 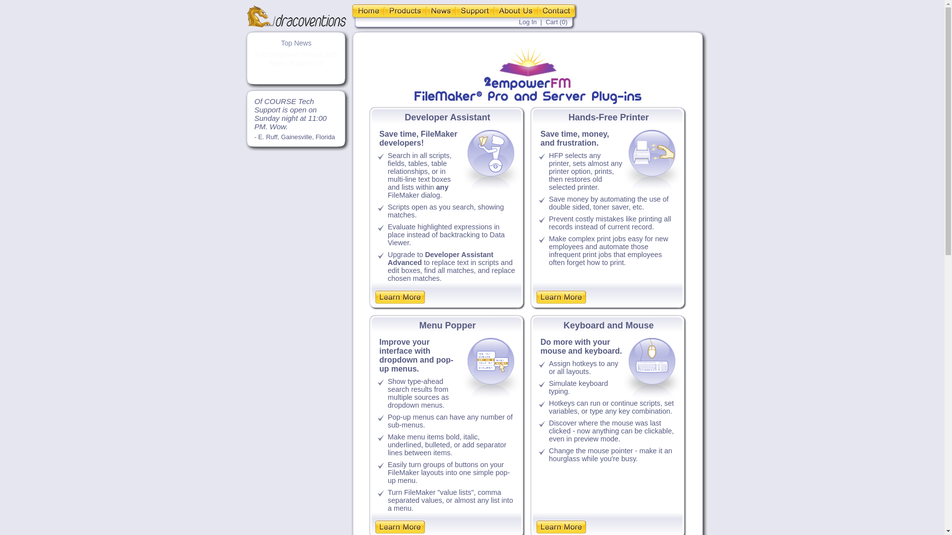 What do you see at coordinates (537, 10) in the screenshot?
I see `'Contact'` at bounding box center [537, 10].